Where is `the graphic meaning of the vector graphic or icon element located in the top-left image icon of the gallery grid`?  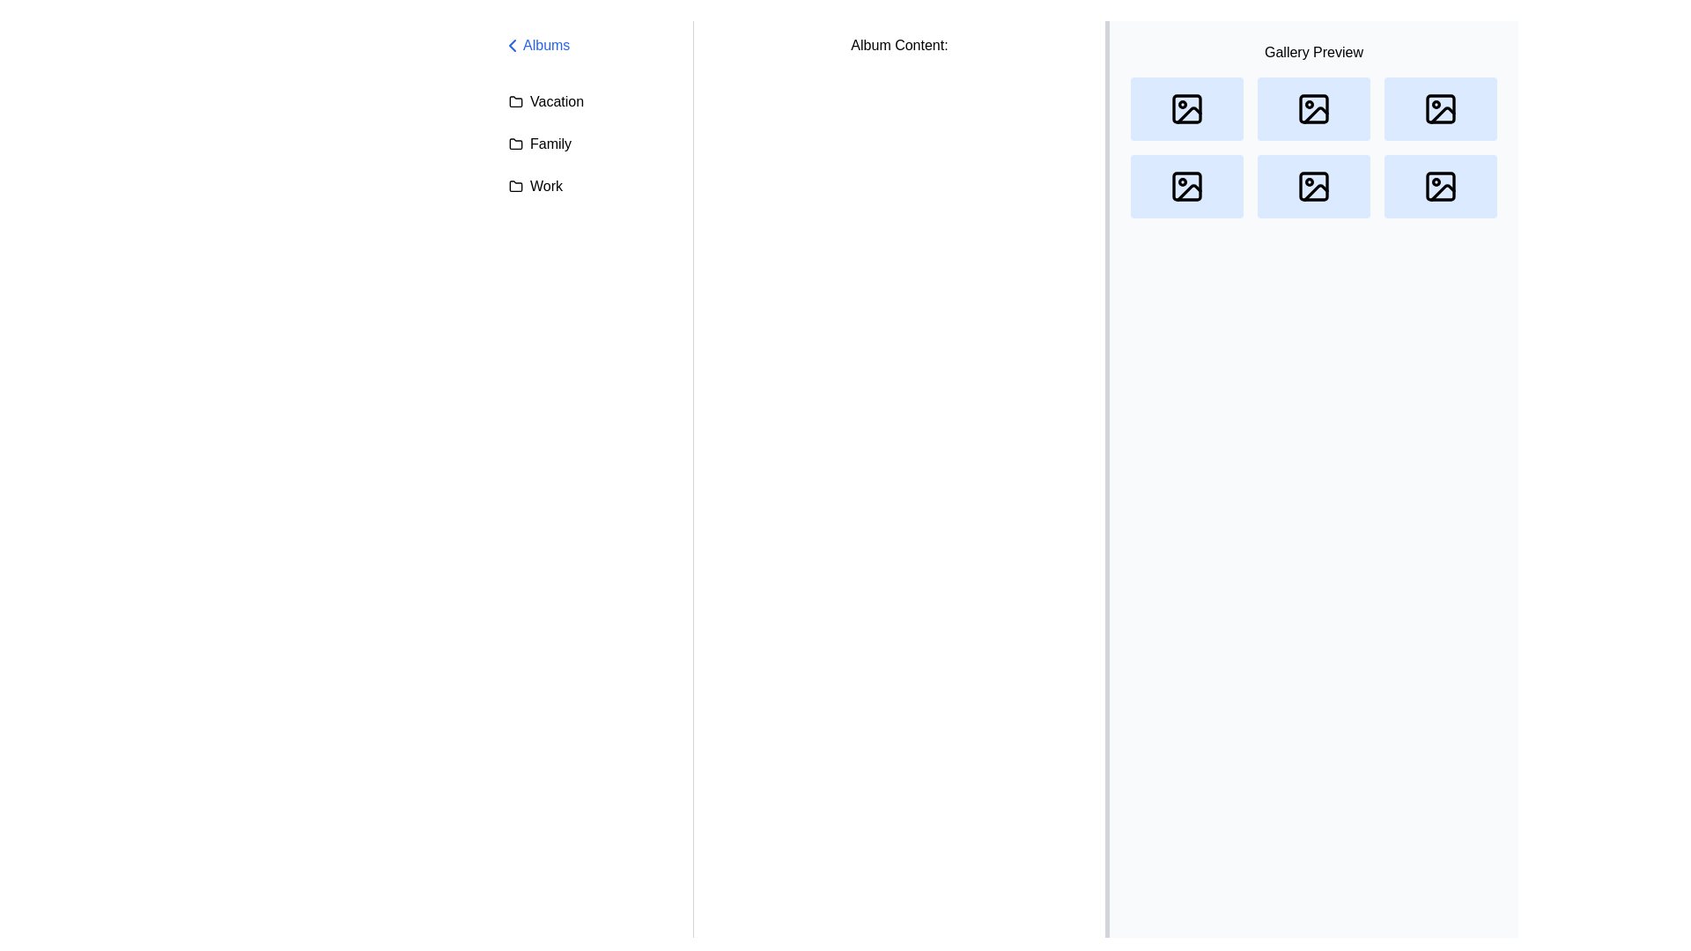
the graphic meaning of the vector graphic or icon element located in the top-left image icon of the gallery grid is located at coordinates (1189, 114).